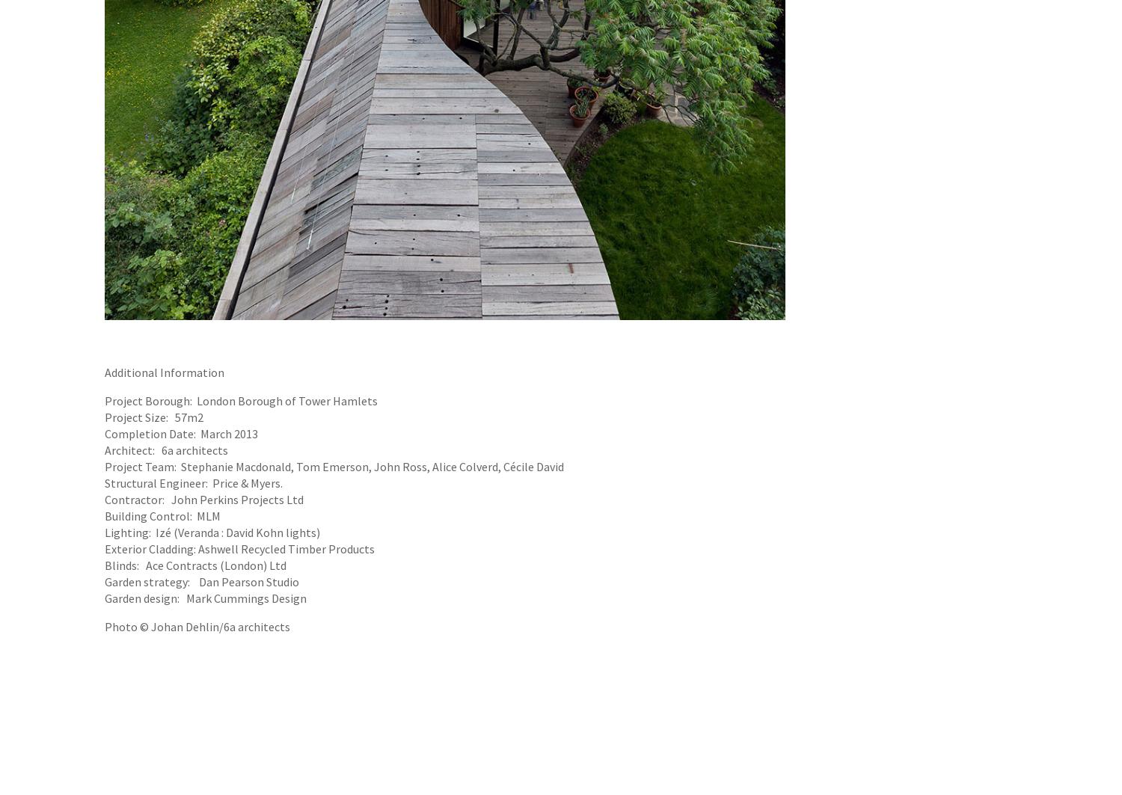  What do you see at coordinates (240, 399) in the screenshot?
I see `'Project Borough:  London Borough of Tower Hamlets'` at bounding box center [240, 399].